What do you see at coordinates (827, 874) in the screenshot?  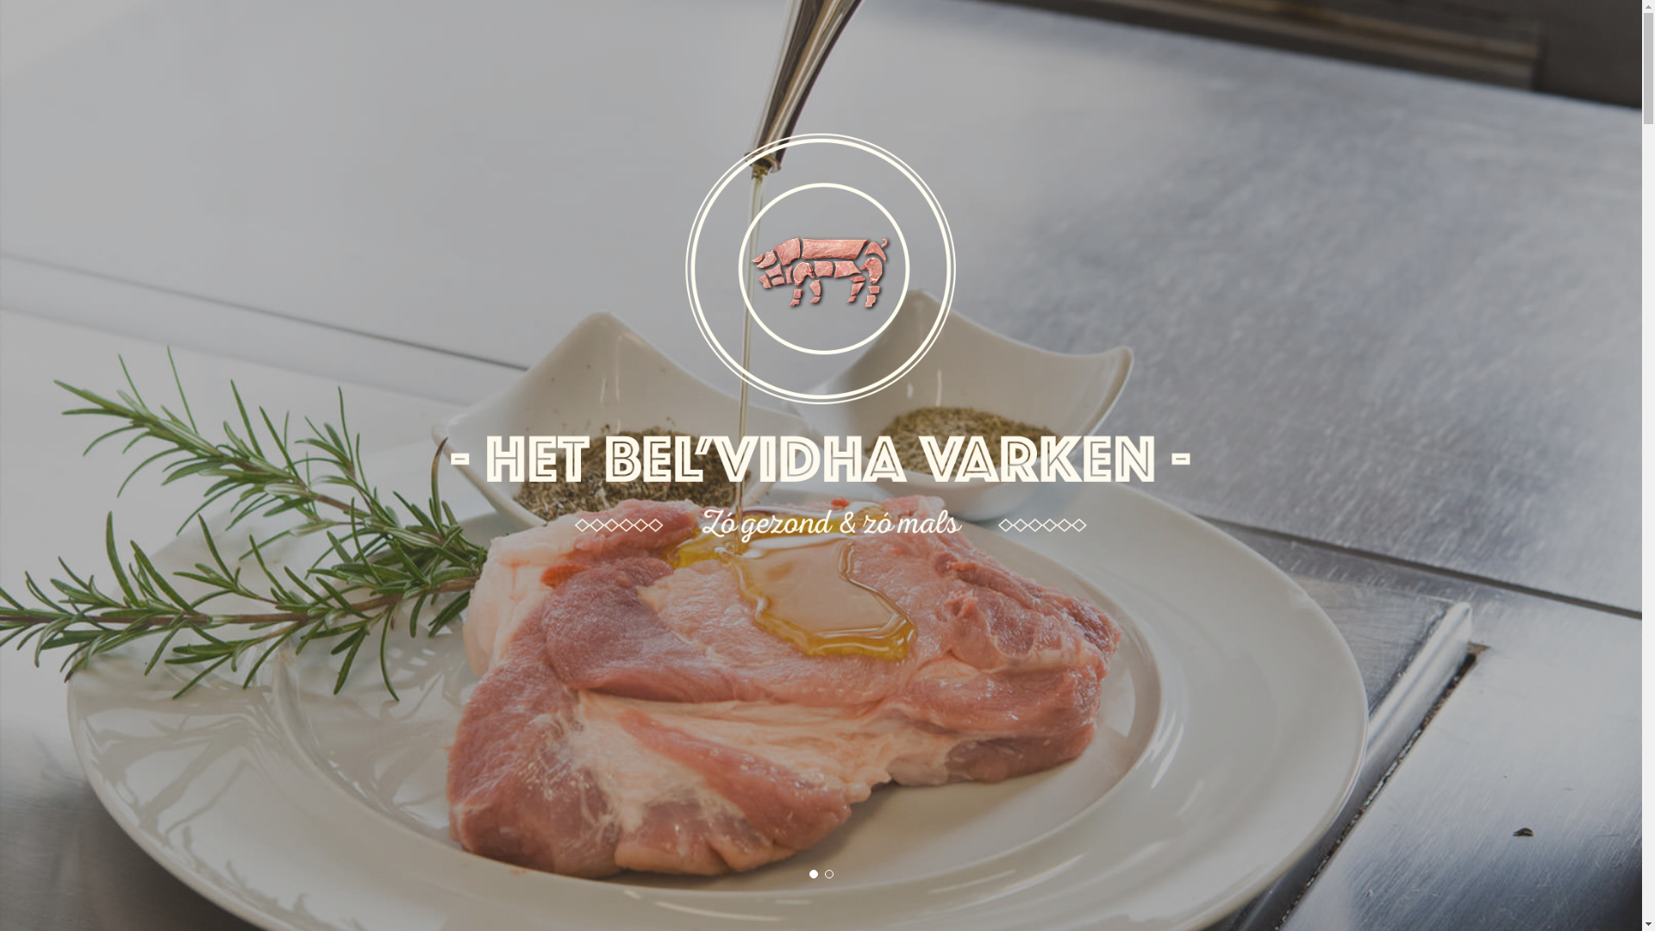 I see `'2'` at bounding box center [827, 874].